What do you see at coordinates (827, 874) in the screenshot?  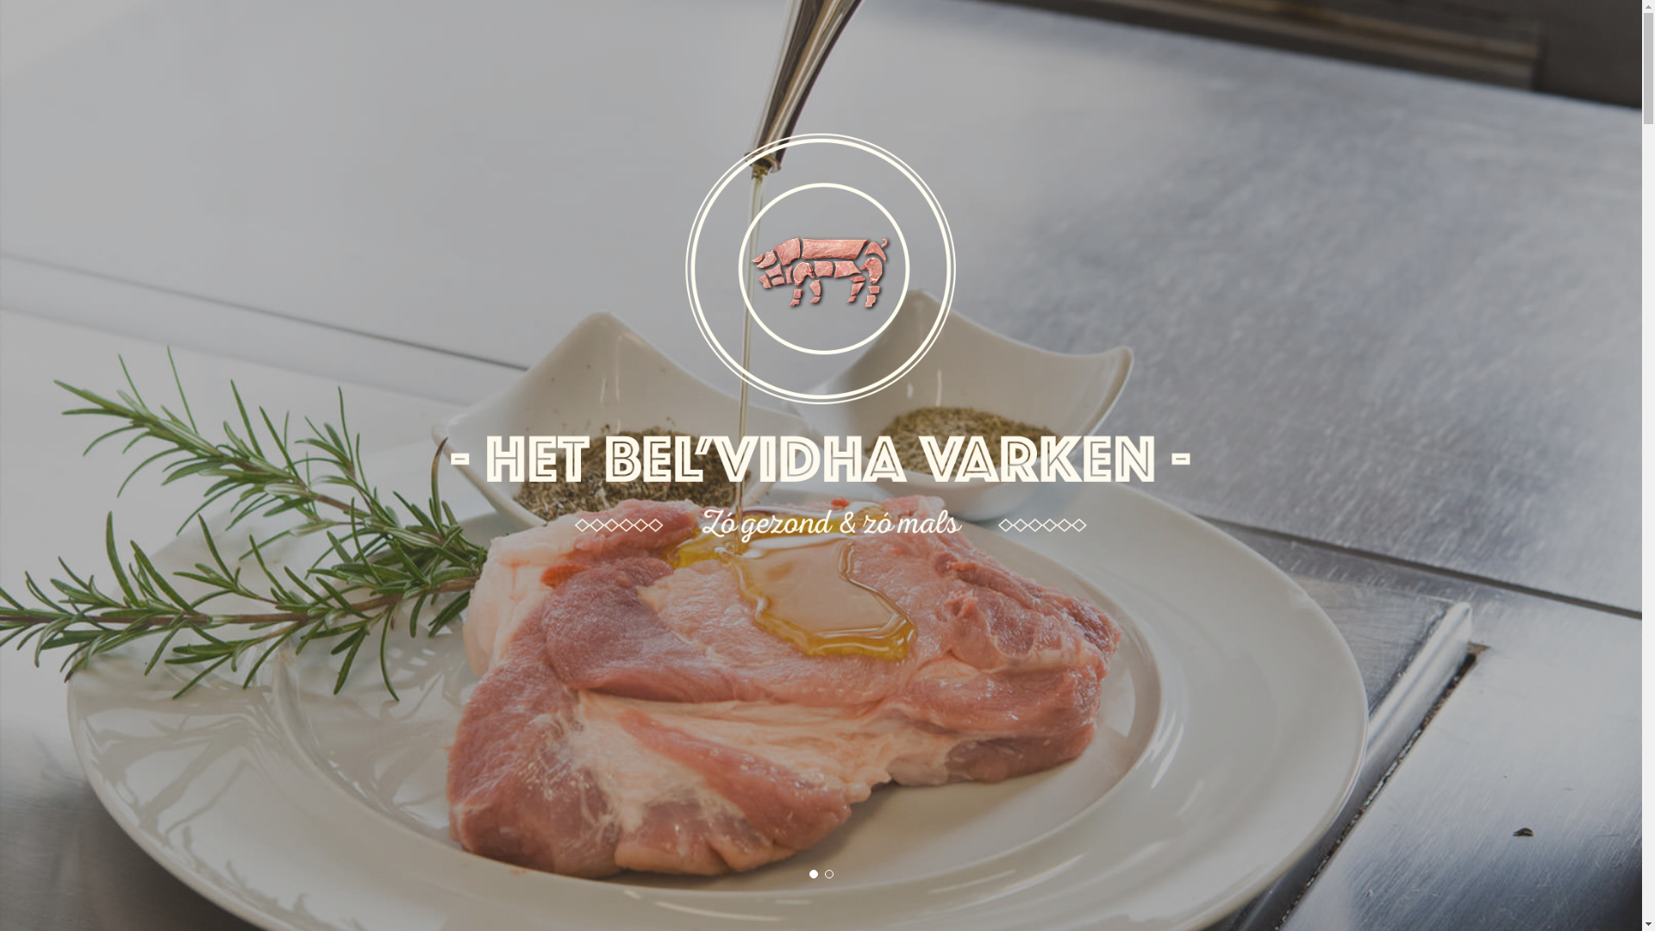 I see `'2'` at bounding box center [827, 874].